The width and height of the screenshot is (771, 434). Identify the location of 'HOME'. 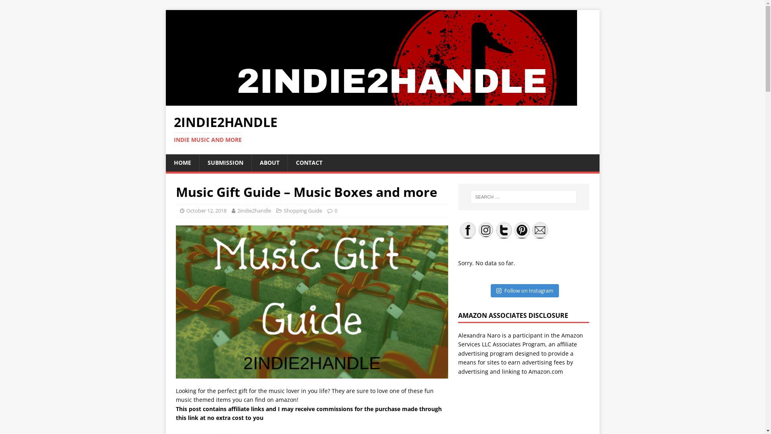
(182, 163).